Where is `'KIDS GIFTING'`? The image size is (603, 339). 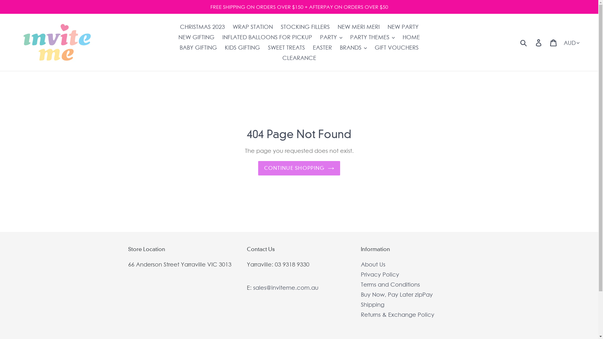 'KIDS GIFTING' is located at coordinates (242, 47).